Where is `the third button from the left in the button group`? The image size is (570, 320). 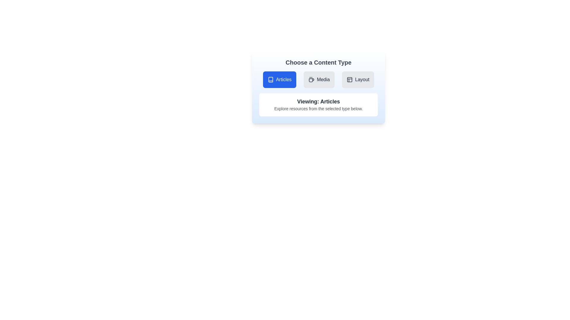
the third button from the left in the button group is located at coordinates (358, 79).